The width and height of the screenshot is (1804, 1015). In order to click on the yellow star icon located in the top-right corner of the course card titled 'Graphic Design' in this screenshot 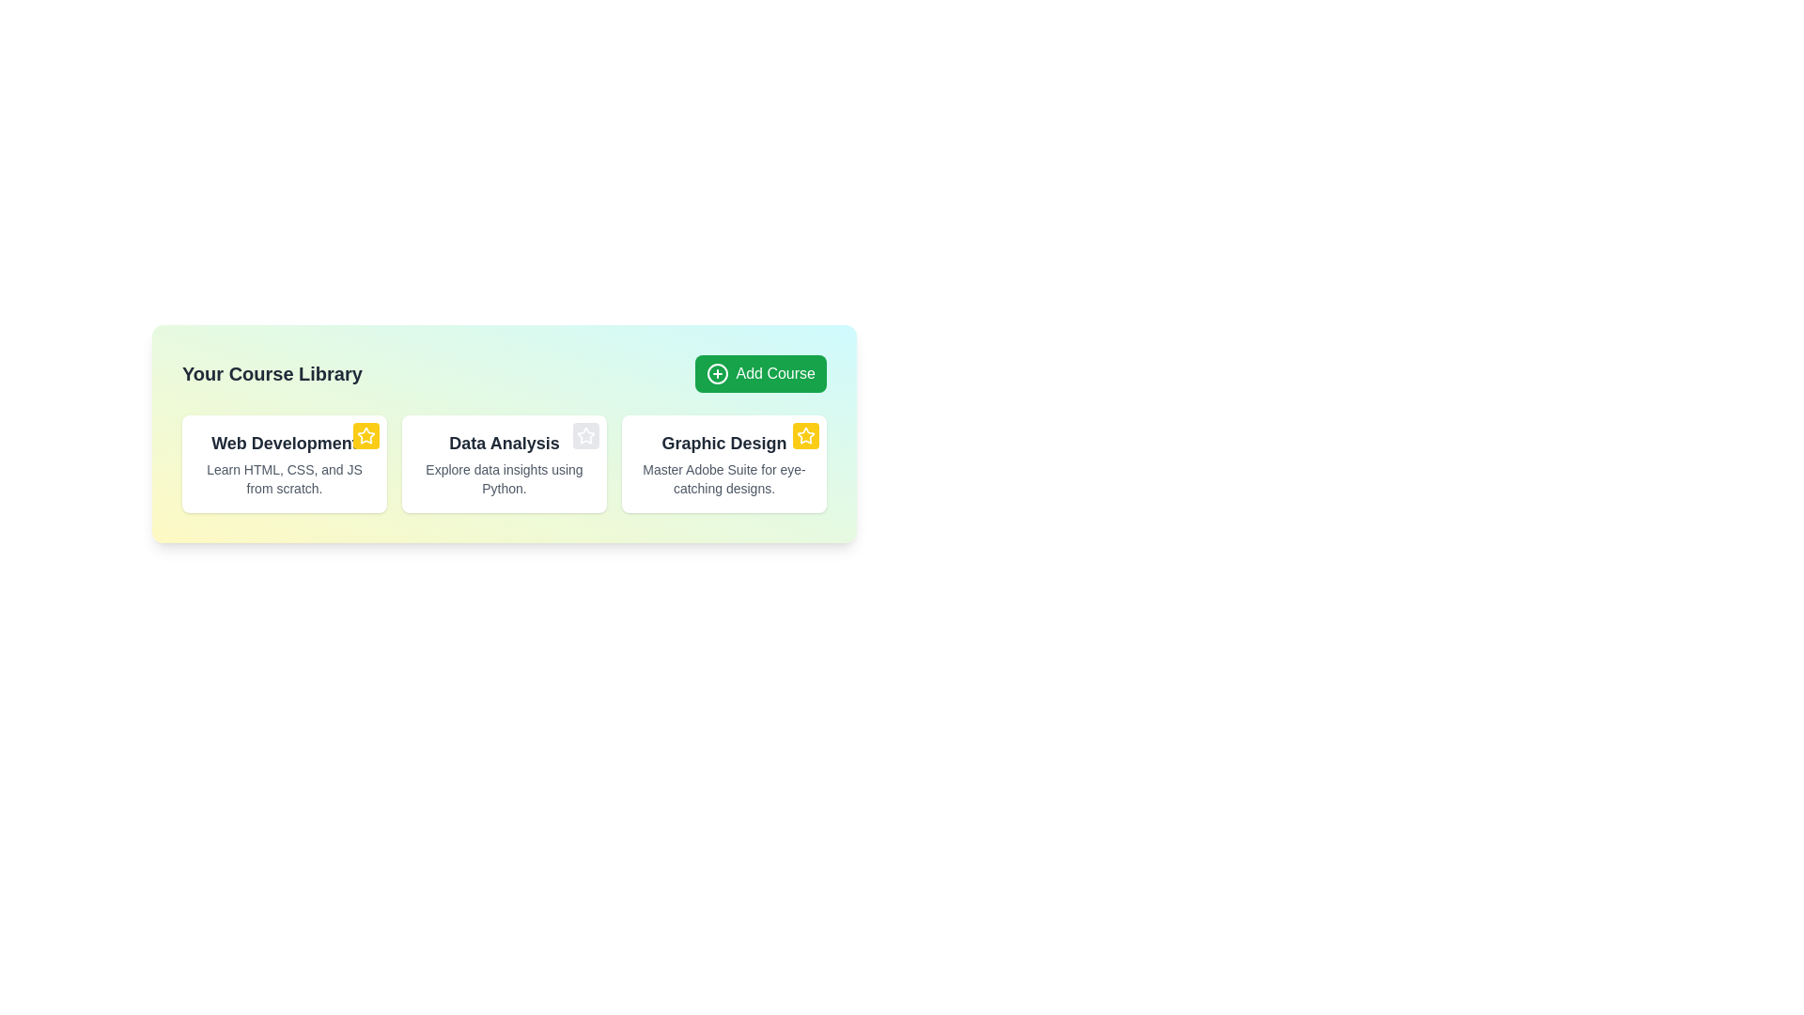, I will do `click(723, 463)`.